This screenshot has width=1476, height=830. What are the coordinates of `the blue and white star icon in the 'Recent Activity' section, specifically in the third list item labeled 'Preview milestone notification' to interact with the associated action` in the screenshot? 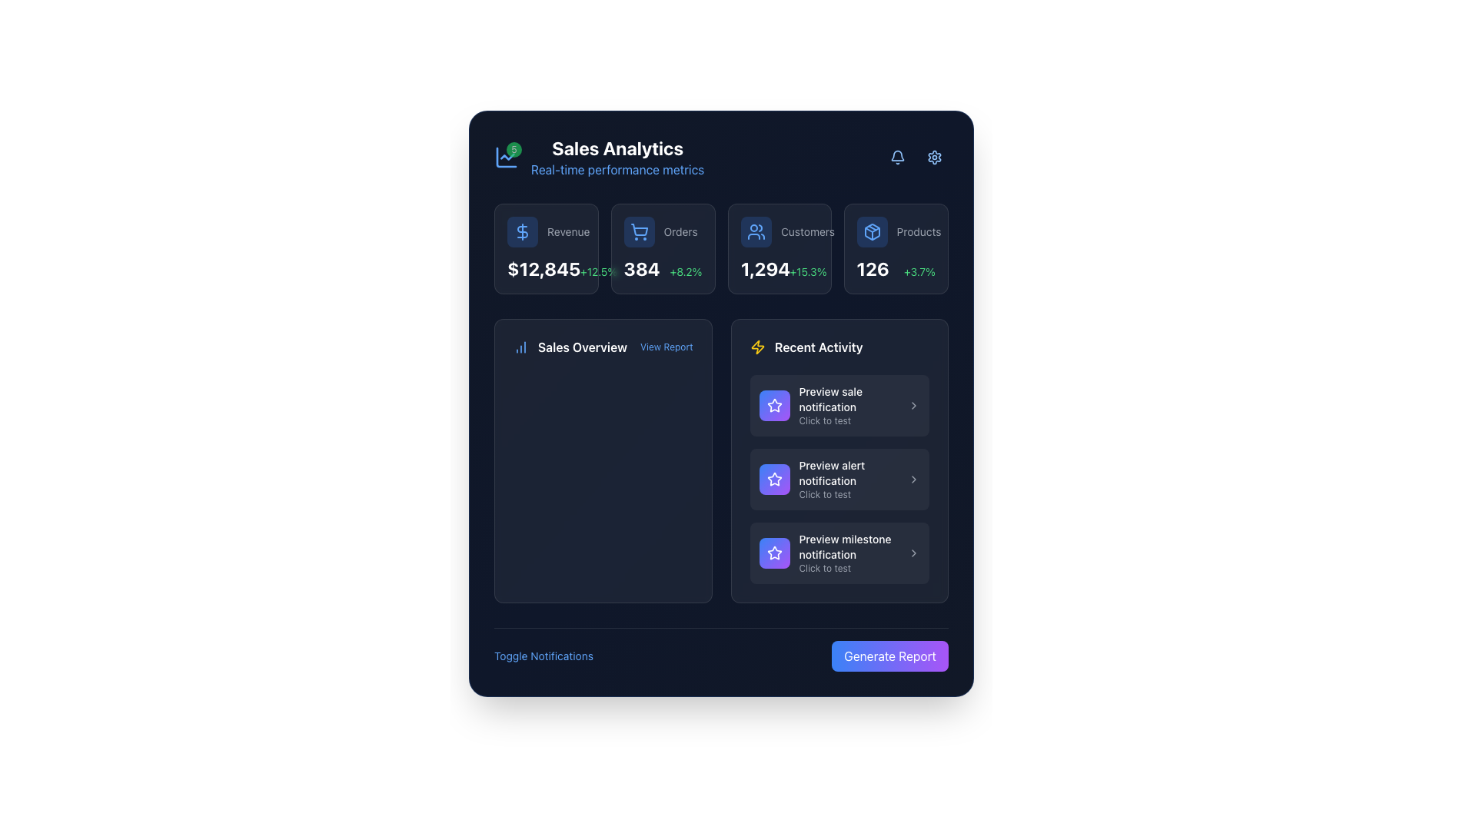 It's located at (774, 552).